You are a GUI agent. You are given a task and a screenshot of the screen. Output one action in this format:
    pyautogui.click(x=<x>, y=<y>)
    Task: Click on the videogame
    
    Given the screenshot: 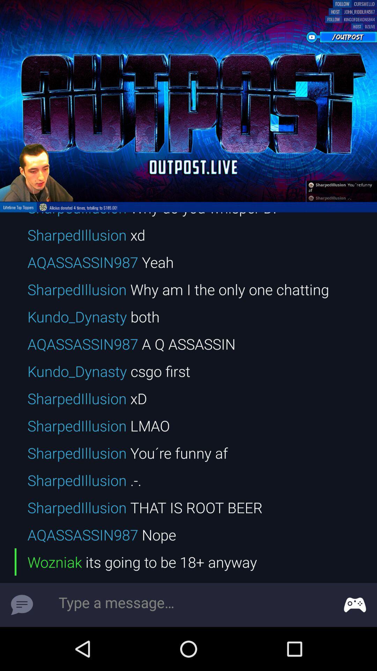 What is the action you would take?
    pyautogui.click(x=355, y=605)
    